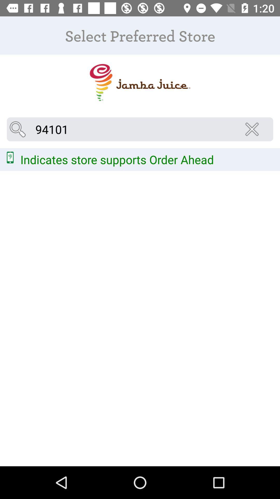 The height and width of the screenshot is (499, 280). What do you see at coordinates (139, 82) in the screenshot?
I see `the item below the select preferred store icon` at bounding box center [139, 82].